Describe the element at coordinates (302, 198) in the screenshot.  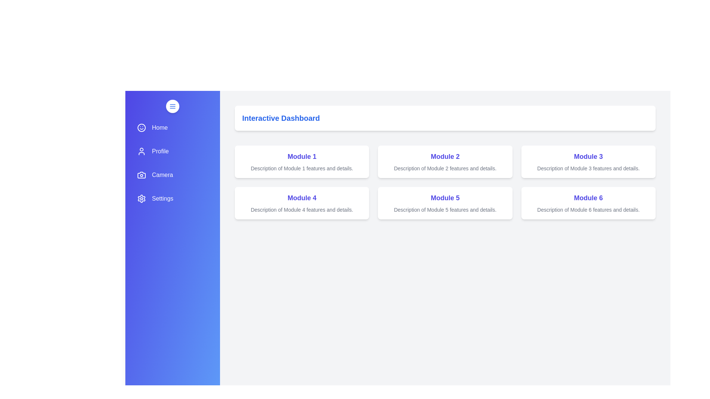
I see `the text element styled with 'Module 4', which is bold, indigo, and prominently displayed on a white card in the lower left corner of the central content section` at that location.